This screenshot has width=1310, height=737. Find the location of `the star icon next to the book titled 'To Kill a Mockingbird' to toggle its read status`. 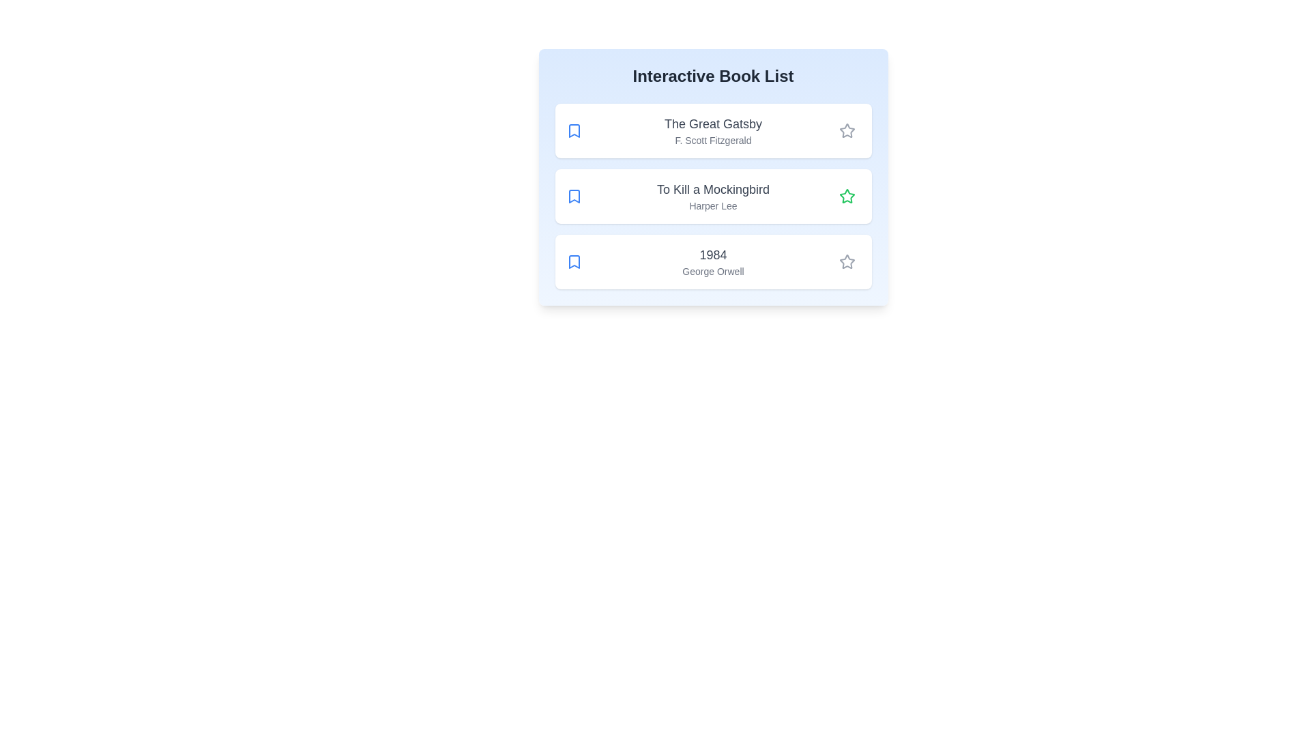

the star icon next to the book titled 'To Kill a Mockingbird' to toggle its read status is located at coordinates (846, 197).